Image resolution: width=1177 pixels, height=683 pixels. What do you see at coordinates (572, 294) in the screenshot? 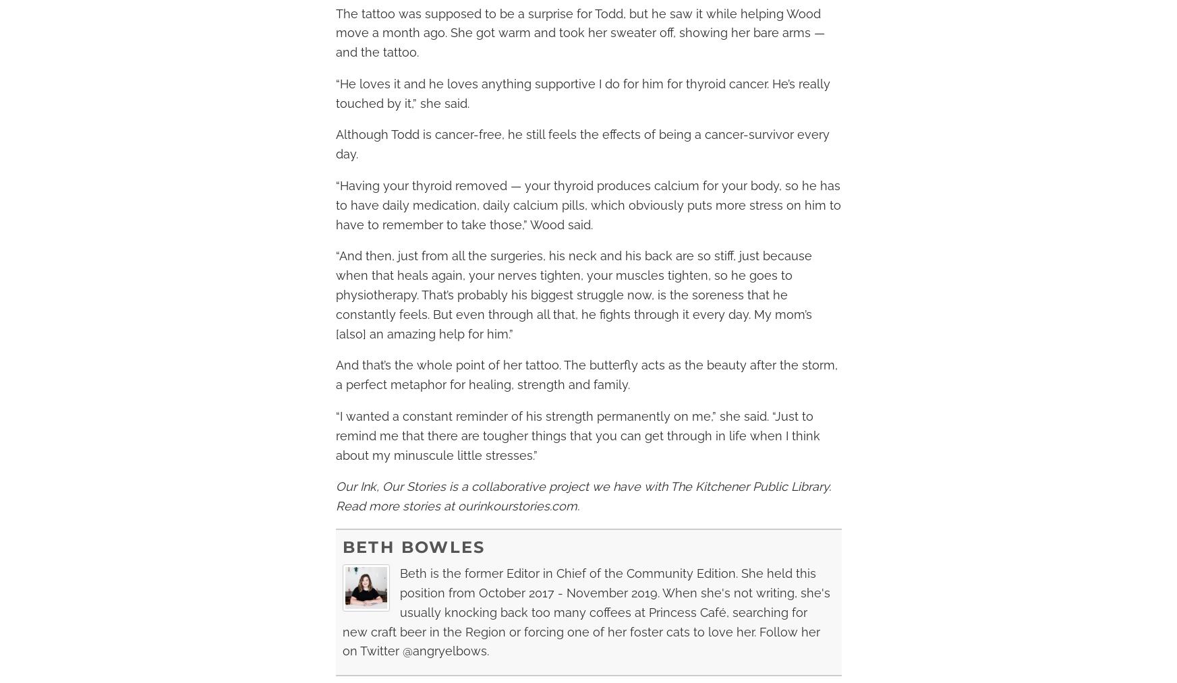
I see `'“And then, just from all the surgeries, his neck and his back are so stiff, just because when that heals again, your nerves tighten, your muscles tighten, so he goes to physiotherapy. That’s probably his biggest struggle now, is the soreness that he constantly feels. But even through all that, he fights through it every day. My mom’s [also] an amazing help for him.”'` at bounding box center [572, 294].